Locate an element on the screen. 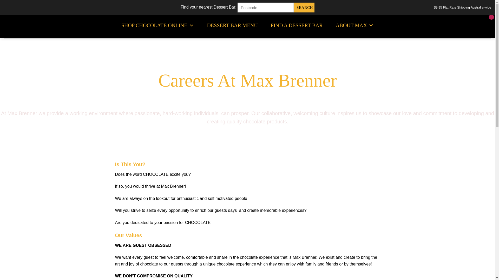  'Skip to content' is located at coordinates (0, 0).